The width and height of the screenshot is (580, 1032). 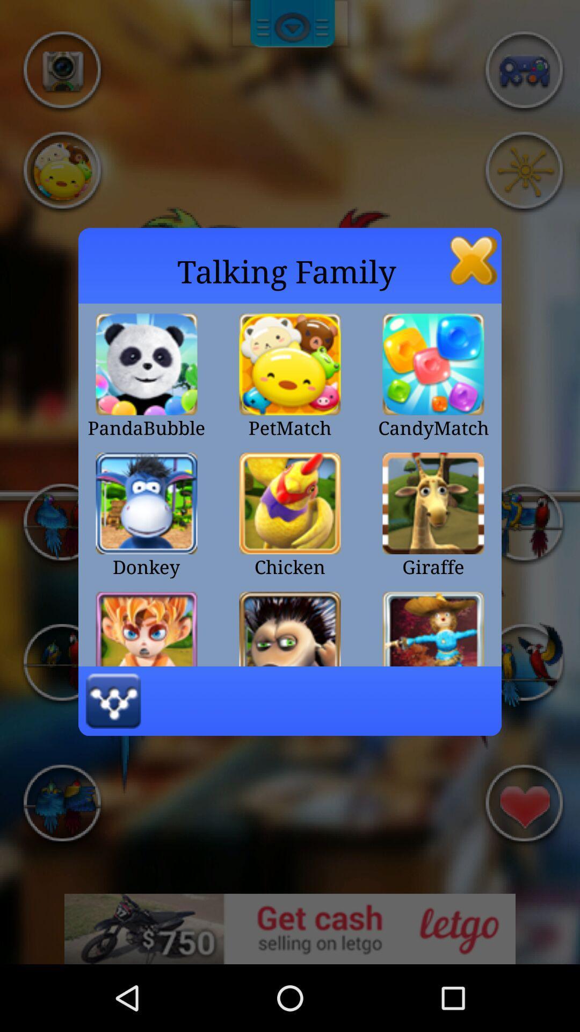 What do you see at coordinates (473, 260) in the screenshot?
I see `item to the right of the talking family app` at bounding box center [473, 260].